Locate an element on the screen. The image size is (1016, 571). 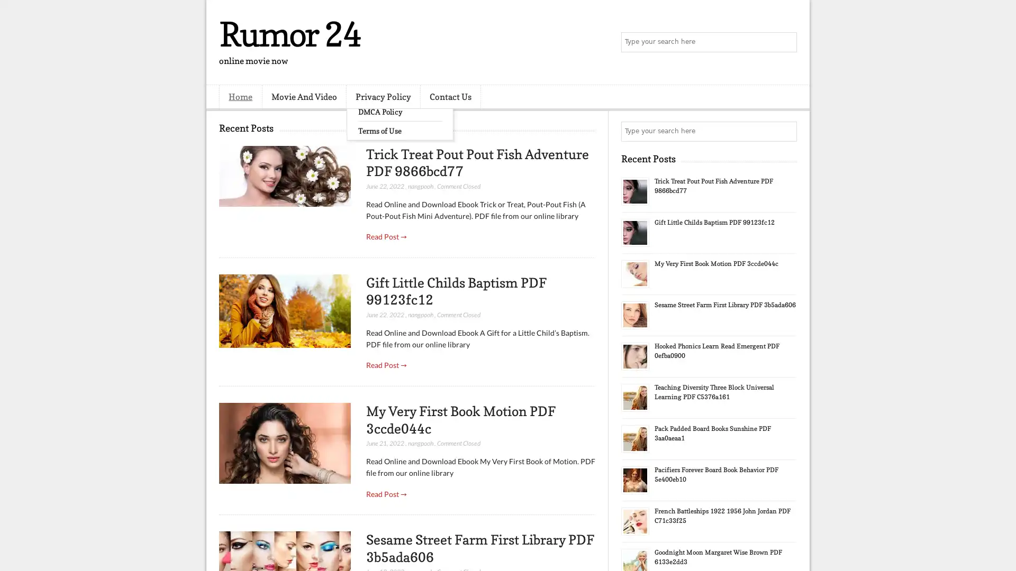
Search is located at coordinates (786, 42).